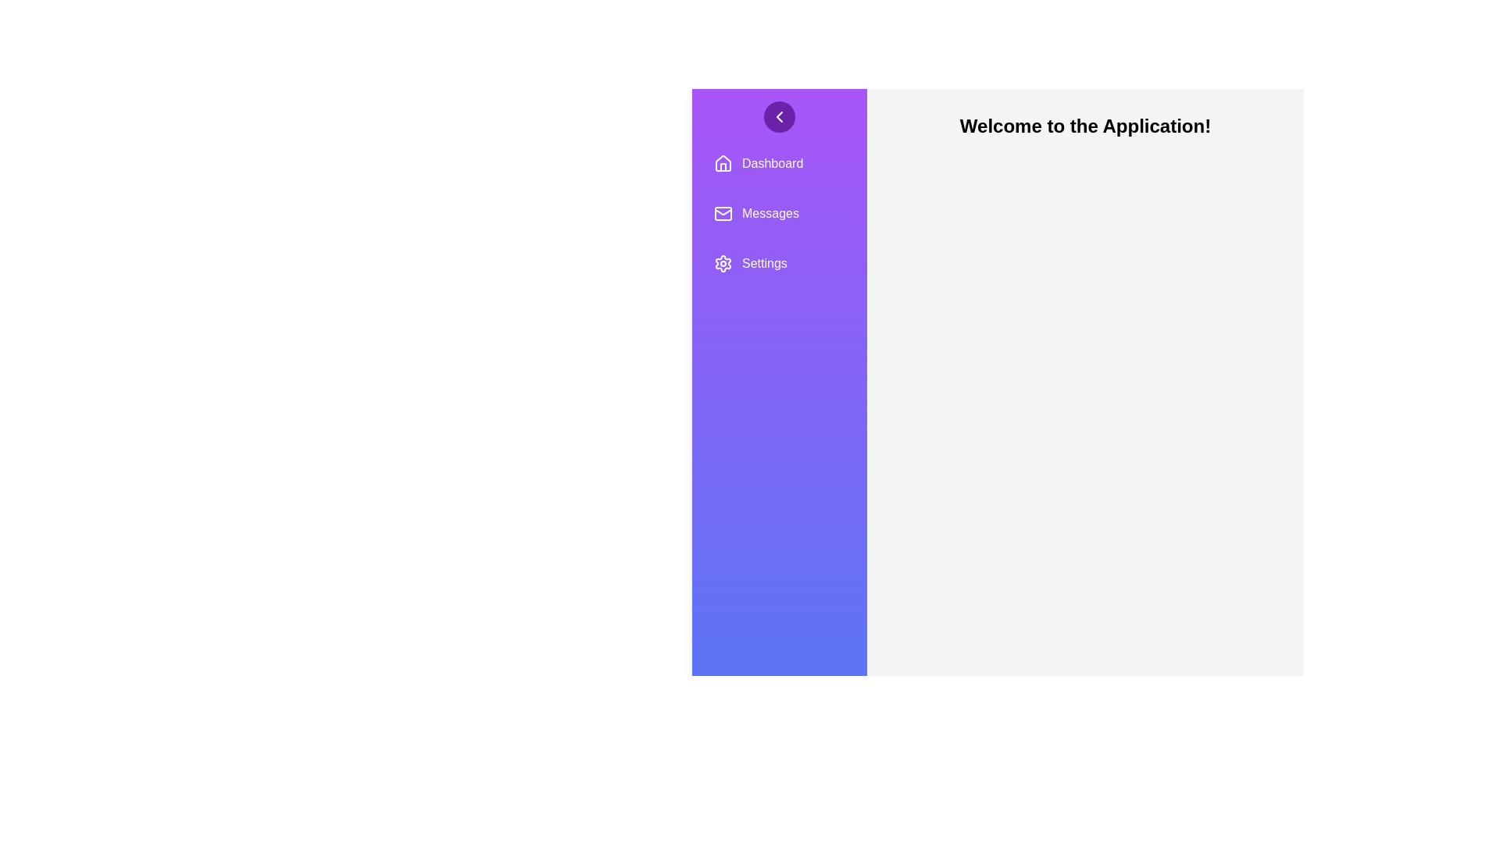  What do you see at coordinates (780, 213) in the screenshot?
I see `a specific item in the Navigation Menu` at bounding box center [780, 213].